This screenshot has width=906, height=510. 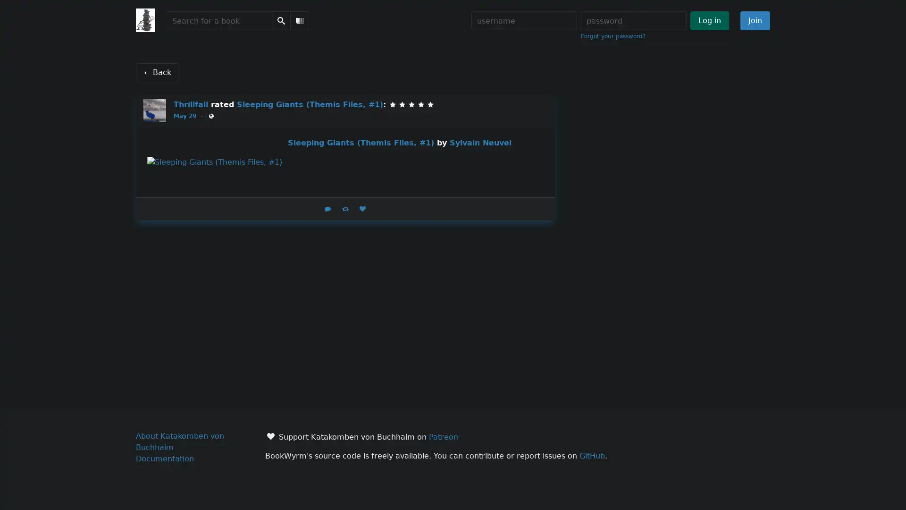 What do you see at coordinates (298, 20) in the screenshot?
I see `Scan Barcode` at bounding box center [298, 20].